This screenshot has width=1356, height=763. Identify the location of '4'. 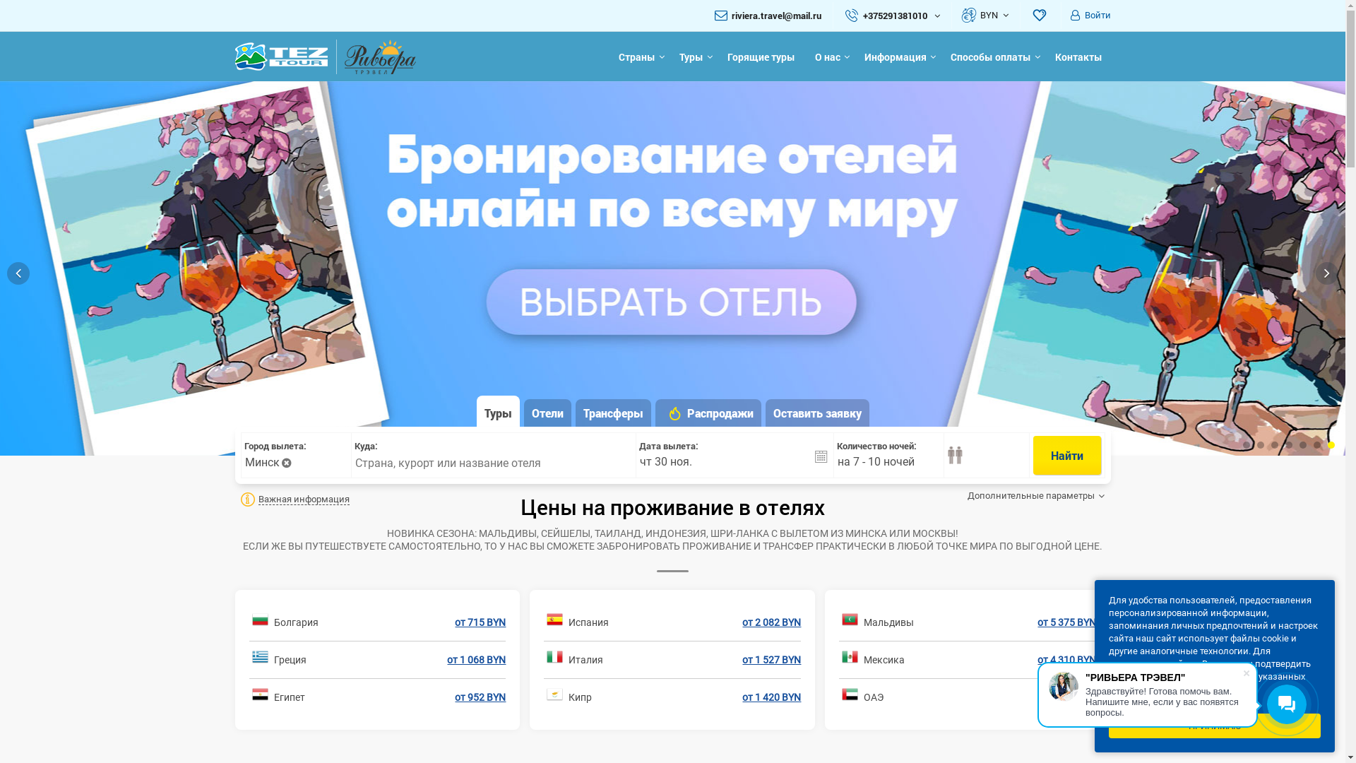
(1285, 444).